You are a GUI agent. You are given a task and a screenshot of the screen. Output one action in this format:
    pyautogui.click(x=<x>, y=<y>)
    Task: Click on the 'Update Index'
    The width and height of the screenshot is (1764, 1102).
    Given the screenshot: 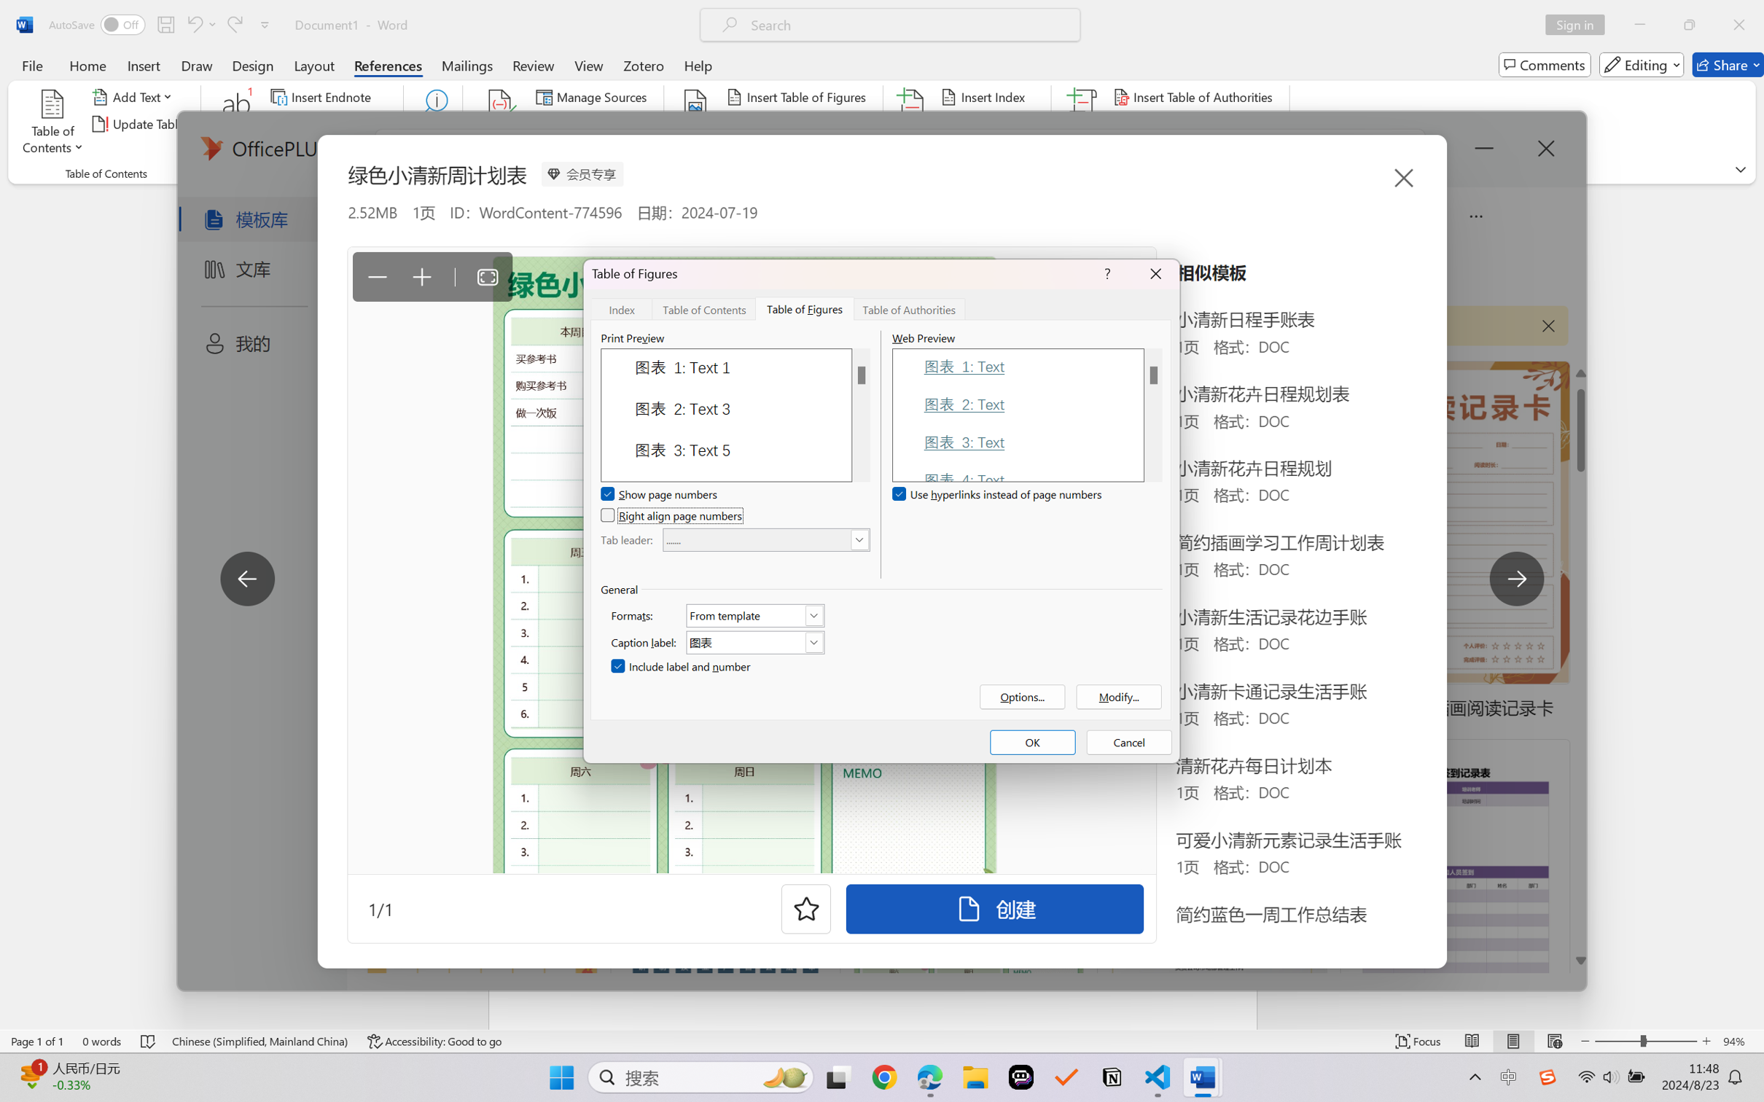 What is the action you would take?
    pyautogui.click(x=989, y=124)
    